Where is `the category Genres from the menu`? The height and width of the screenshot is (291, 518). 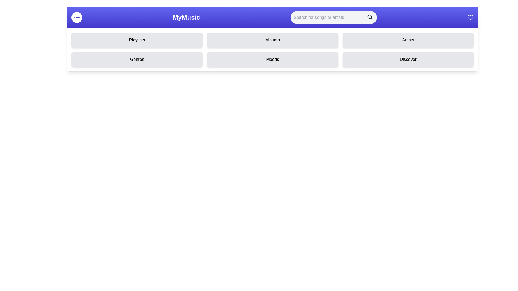
the category Genres from the menu is located at coordinates (137, 59).